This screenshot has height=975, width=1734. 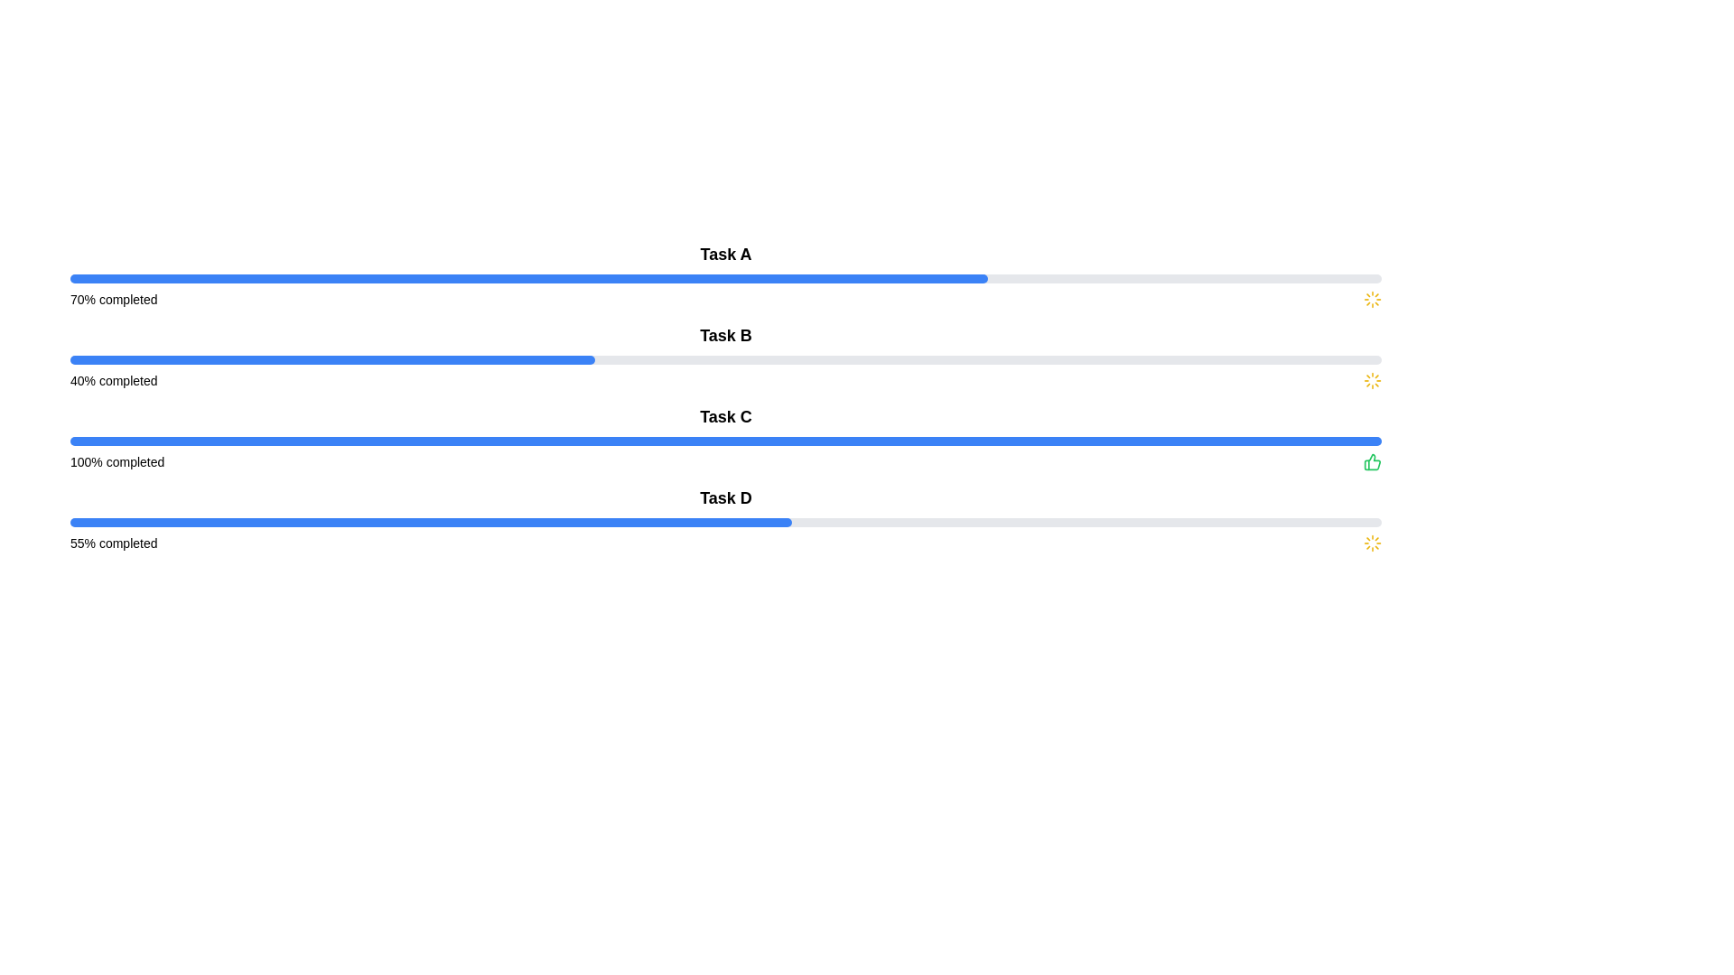 What do you see at coordinates (726, 461) in the screenshot?
I see `the label indicating a 100% completion status for Task C, which includes a thumbs-up icon on the right side` at bounding box center [726, 461].